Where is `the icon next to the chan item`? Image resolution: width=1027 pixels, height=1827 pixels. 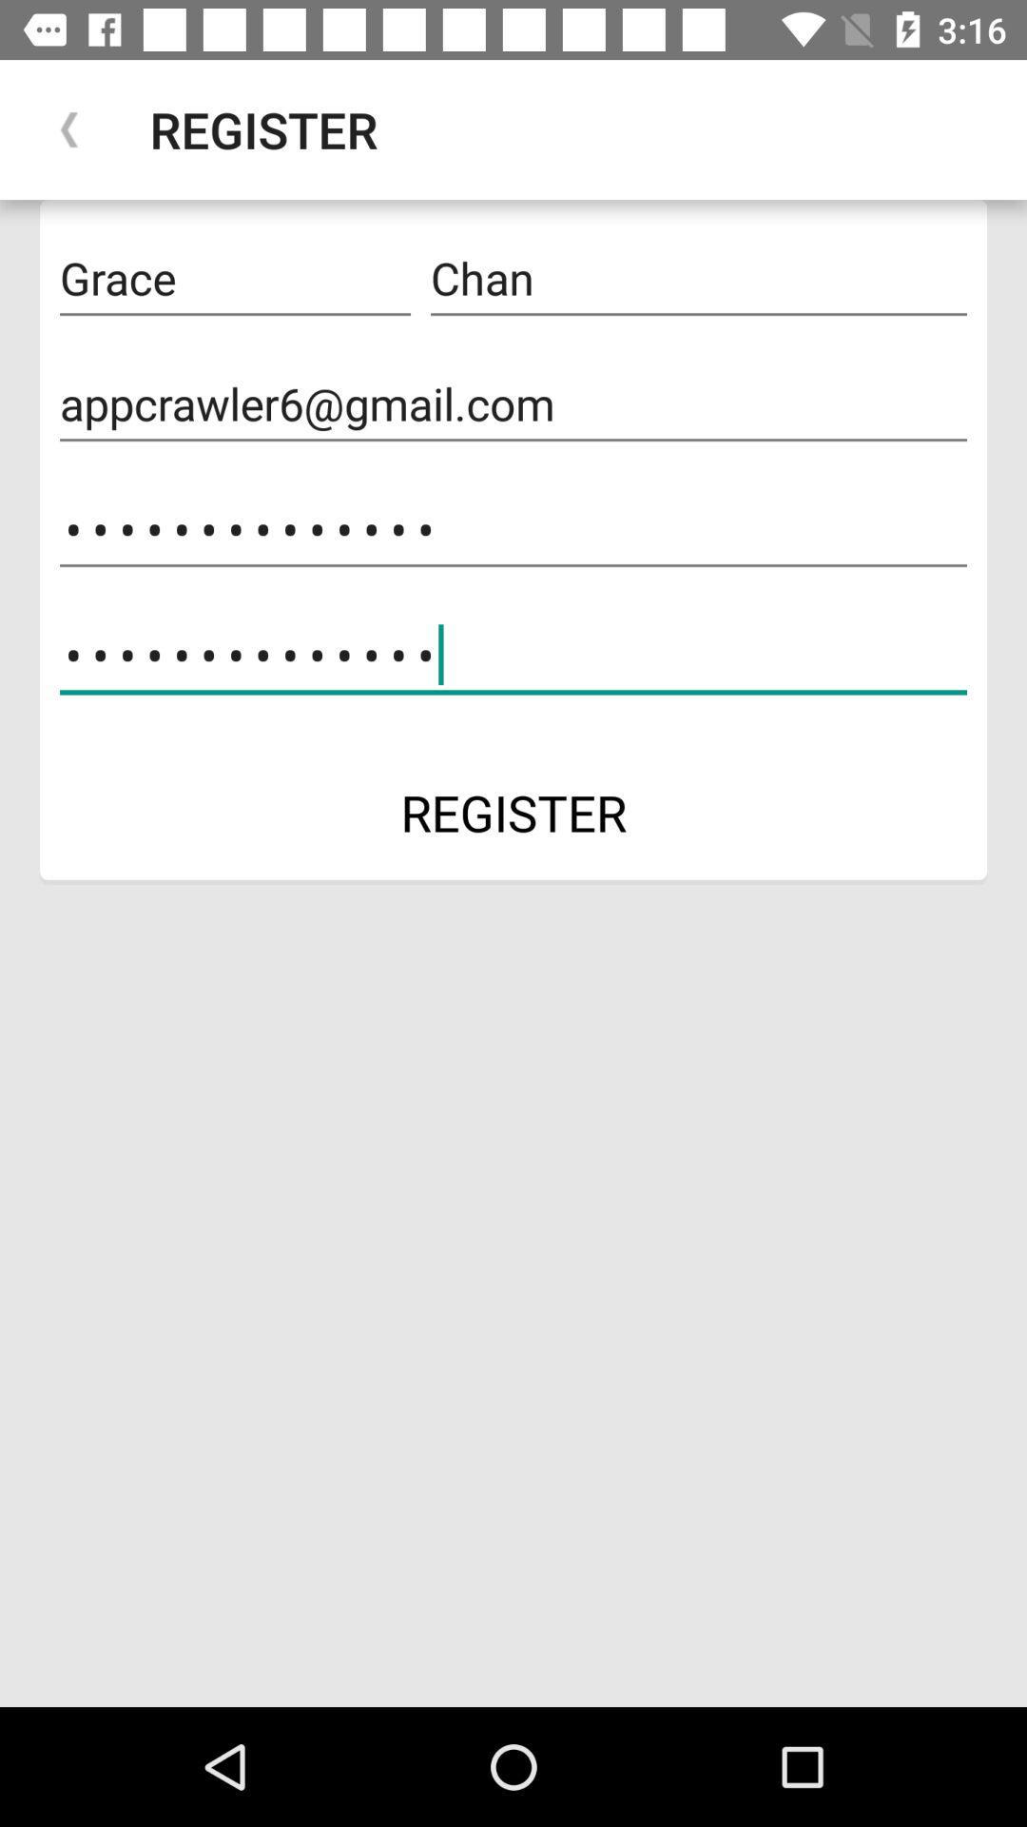
the icon next to the chan item is located at coordinates (234, 278).